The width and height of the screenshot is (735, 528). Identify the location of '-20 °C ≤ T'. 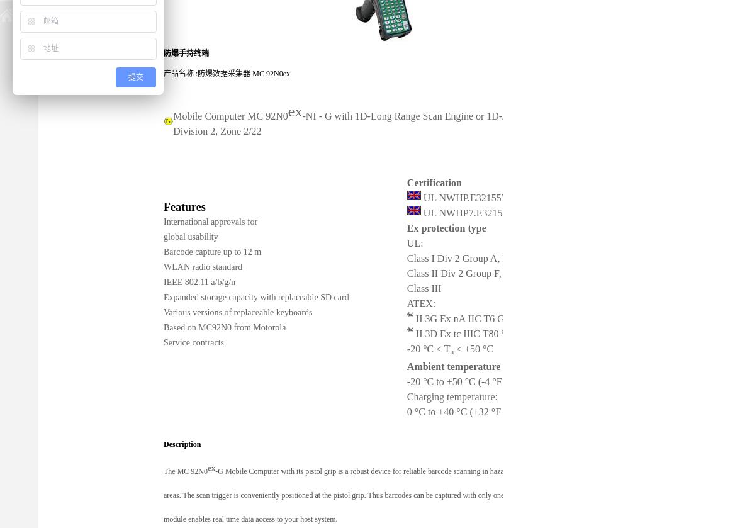
(427, 348).